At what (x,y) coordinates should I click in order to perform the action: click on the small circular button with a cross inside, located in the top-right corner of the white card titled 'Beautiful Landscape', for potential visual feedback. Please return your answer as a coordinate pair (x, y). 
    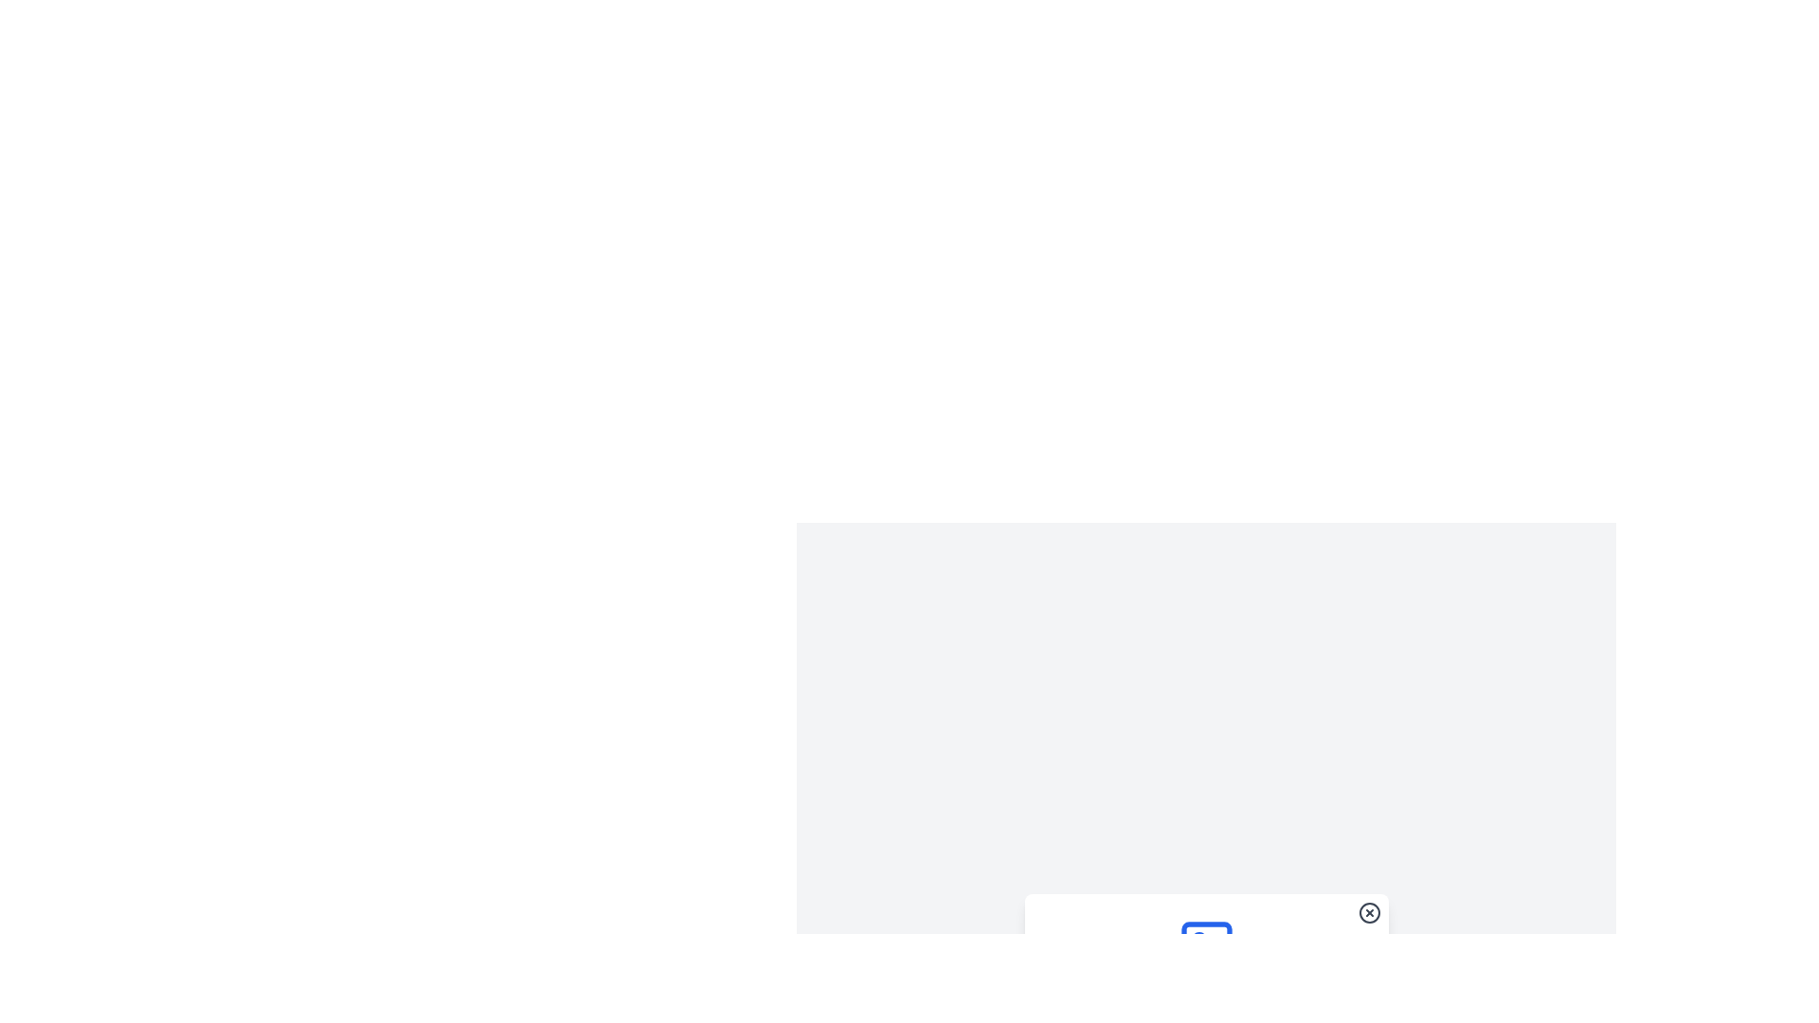
    Looking at the image, I should click on (1369, 912).